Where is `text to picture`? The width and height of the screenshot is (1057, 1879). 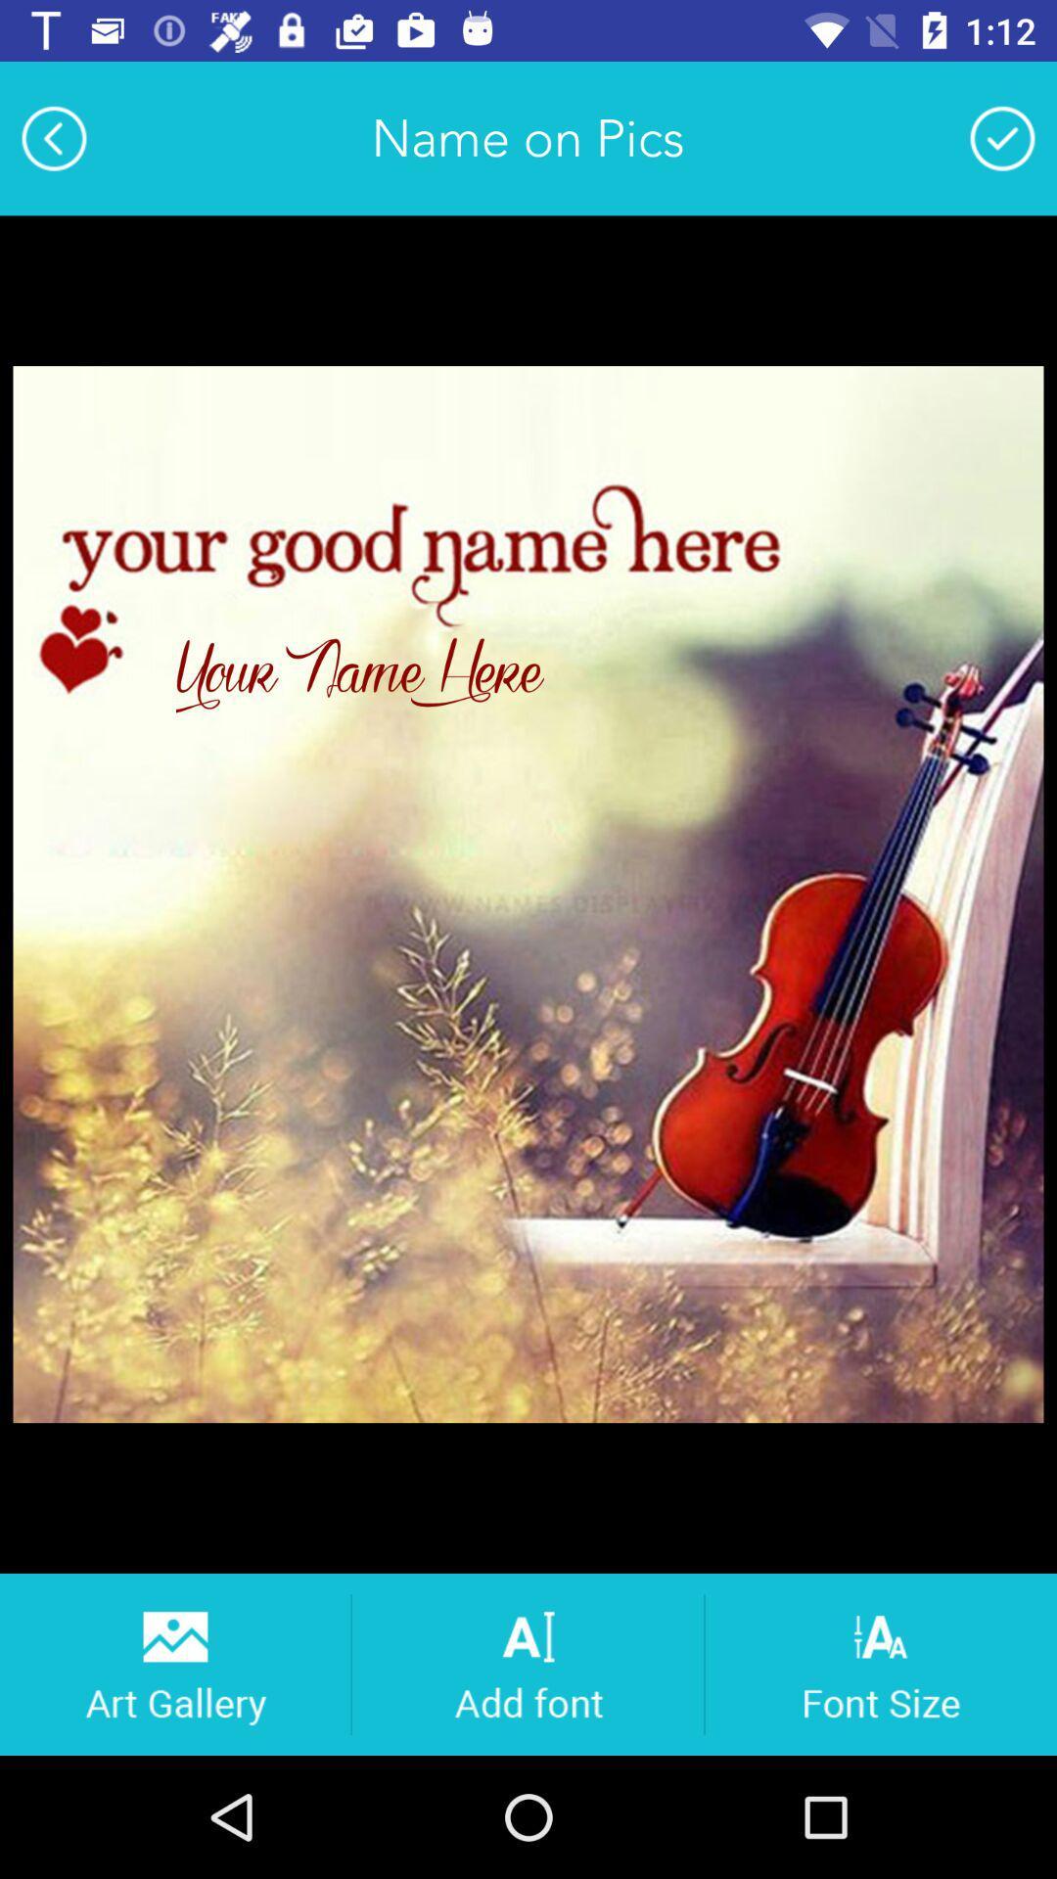 text to picture is located at coordinates (527, 1663).